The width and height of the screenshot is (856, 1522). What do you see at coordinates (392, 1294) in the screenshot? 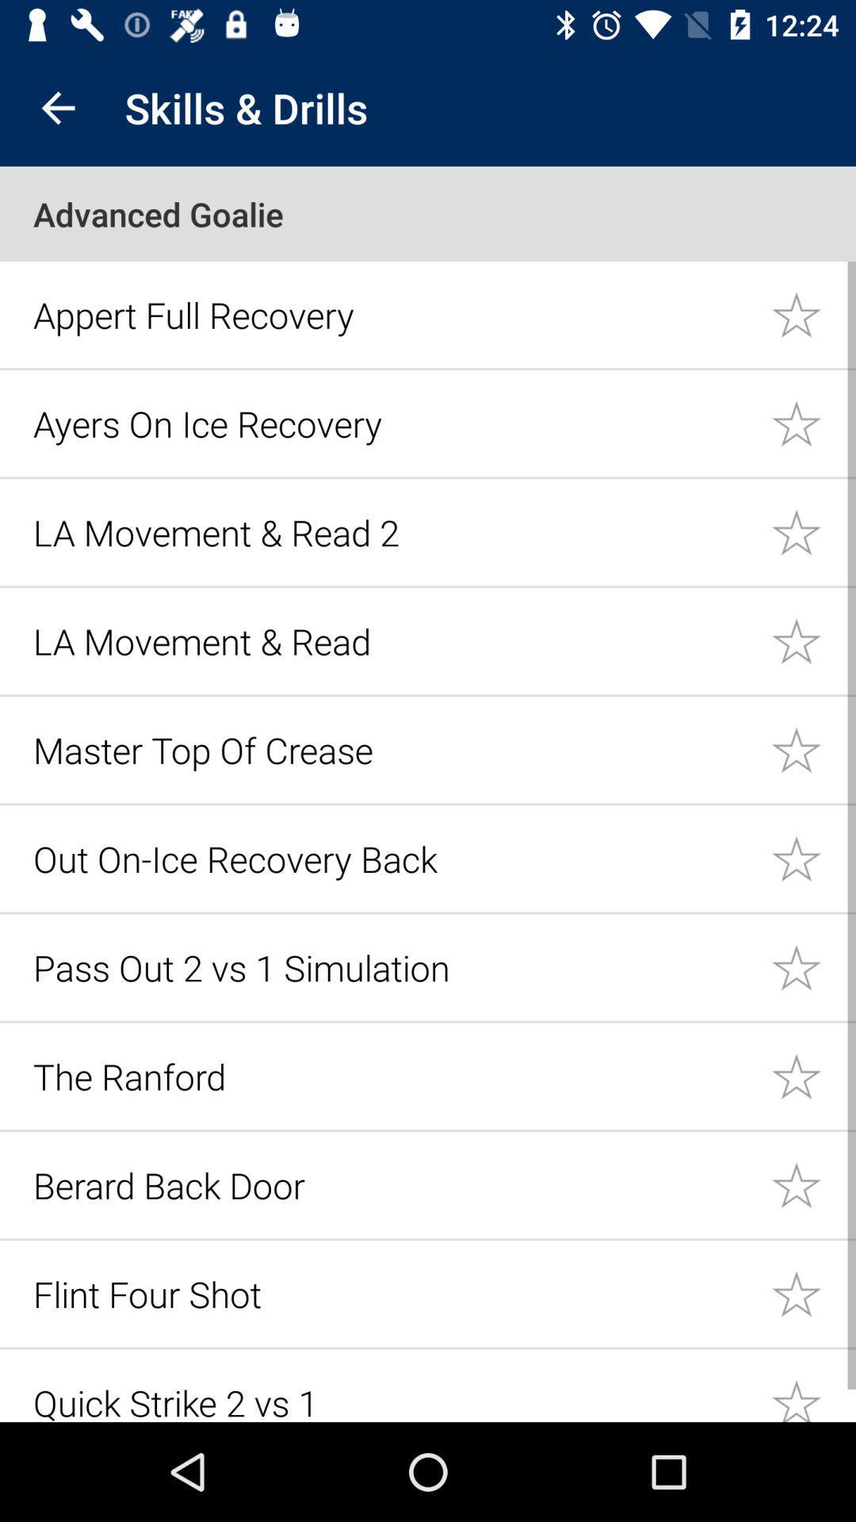
I see `icon above the quick strike 2 item` at bounding box center [392, 1294].